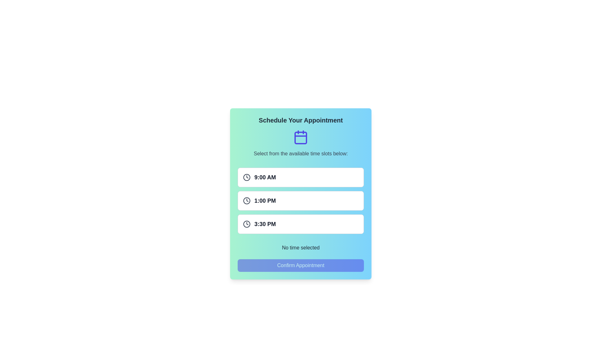 The height and width of the screenshot is (341, 606). Describe the element at coordinates (300, 177) in the screenshot. I see `the 9:00 AM time slot button, which is the first in a list of three buttons for scheduling appointments` at that location.